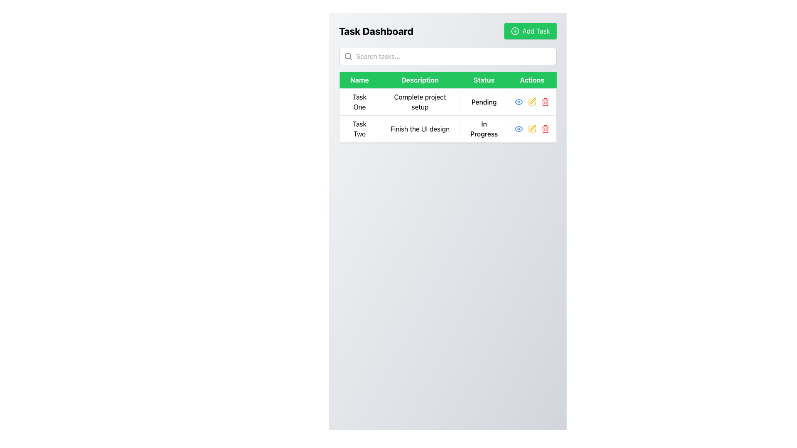  I want to click on the Action group with icons element in the 'Actions' column of the 'Task One' row, which contains a blue 'view' eye icon, a yellow 'edit' pencil icon, and a red 'delete' trash can icon, so click(532, 102).